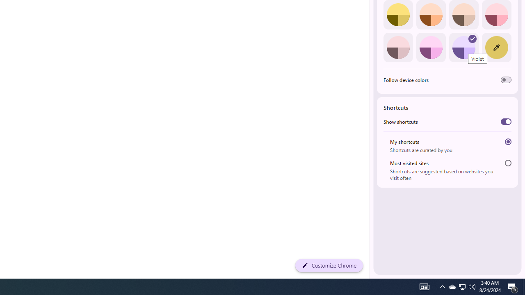  What do you see at coordinates (463, 15) in the screenshot?
I see `'Apricot'` at bounding box center [463, 15].